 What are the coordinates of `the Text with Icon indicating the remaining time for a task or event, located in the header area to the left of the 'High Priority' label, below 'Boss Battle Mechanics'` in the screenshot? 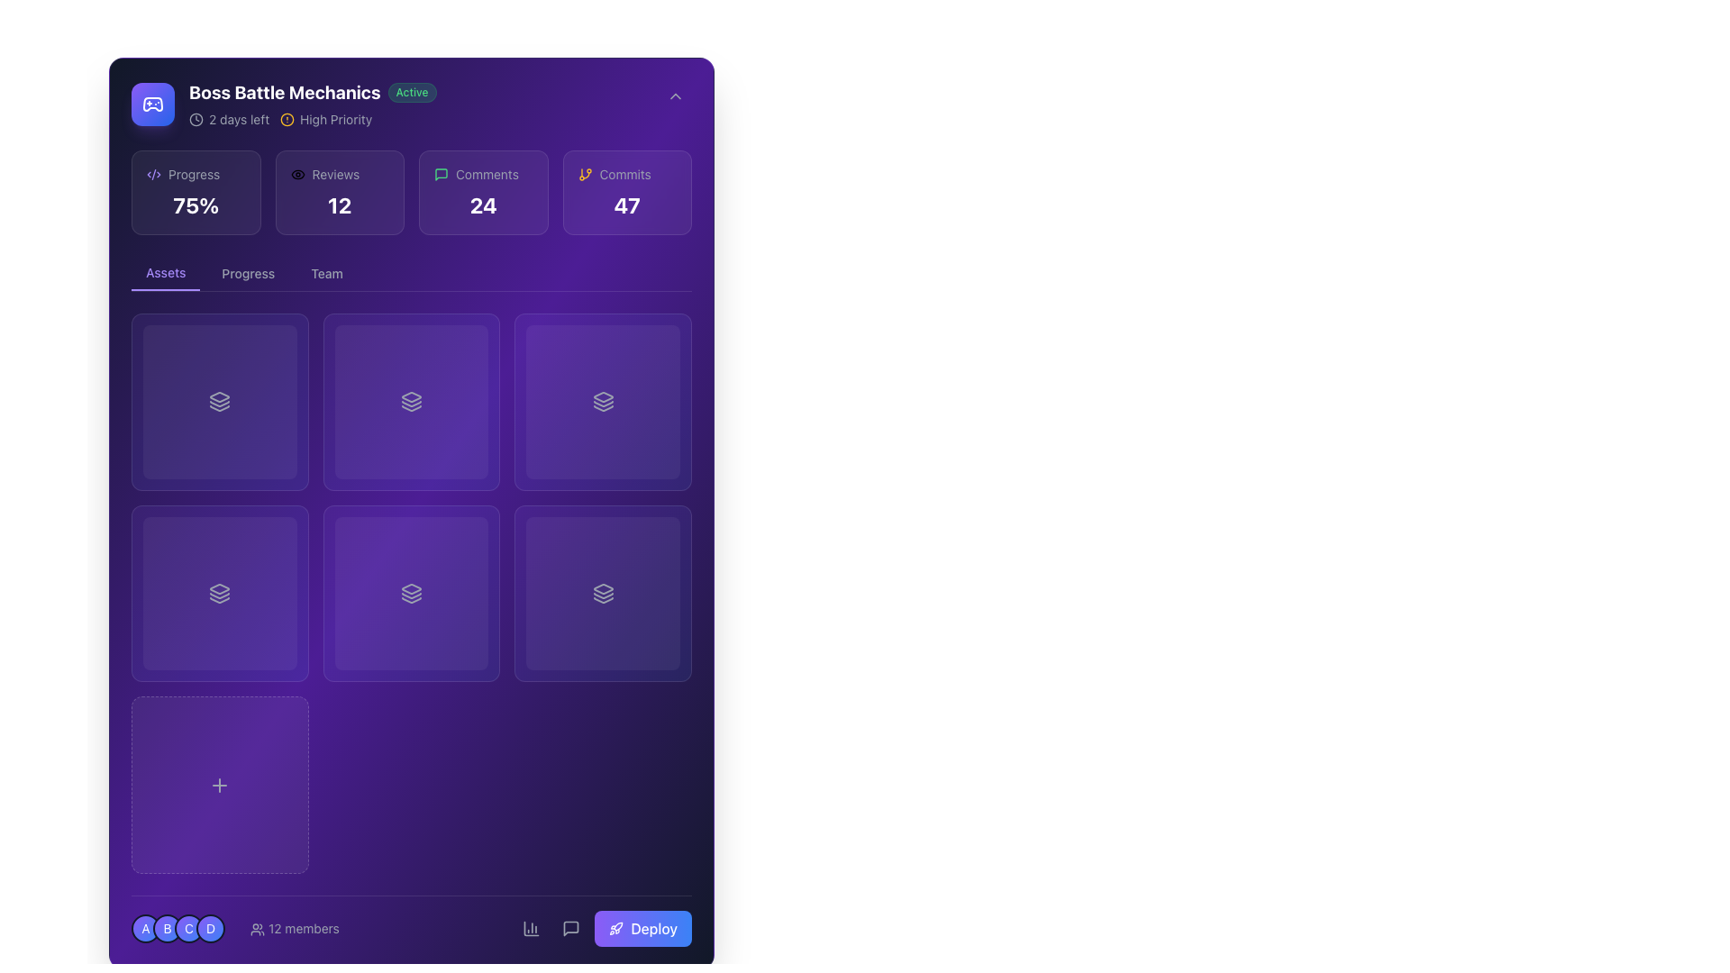 It's located at (228, 119).